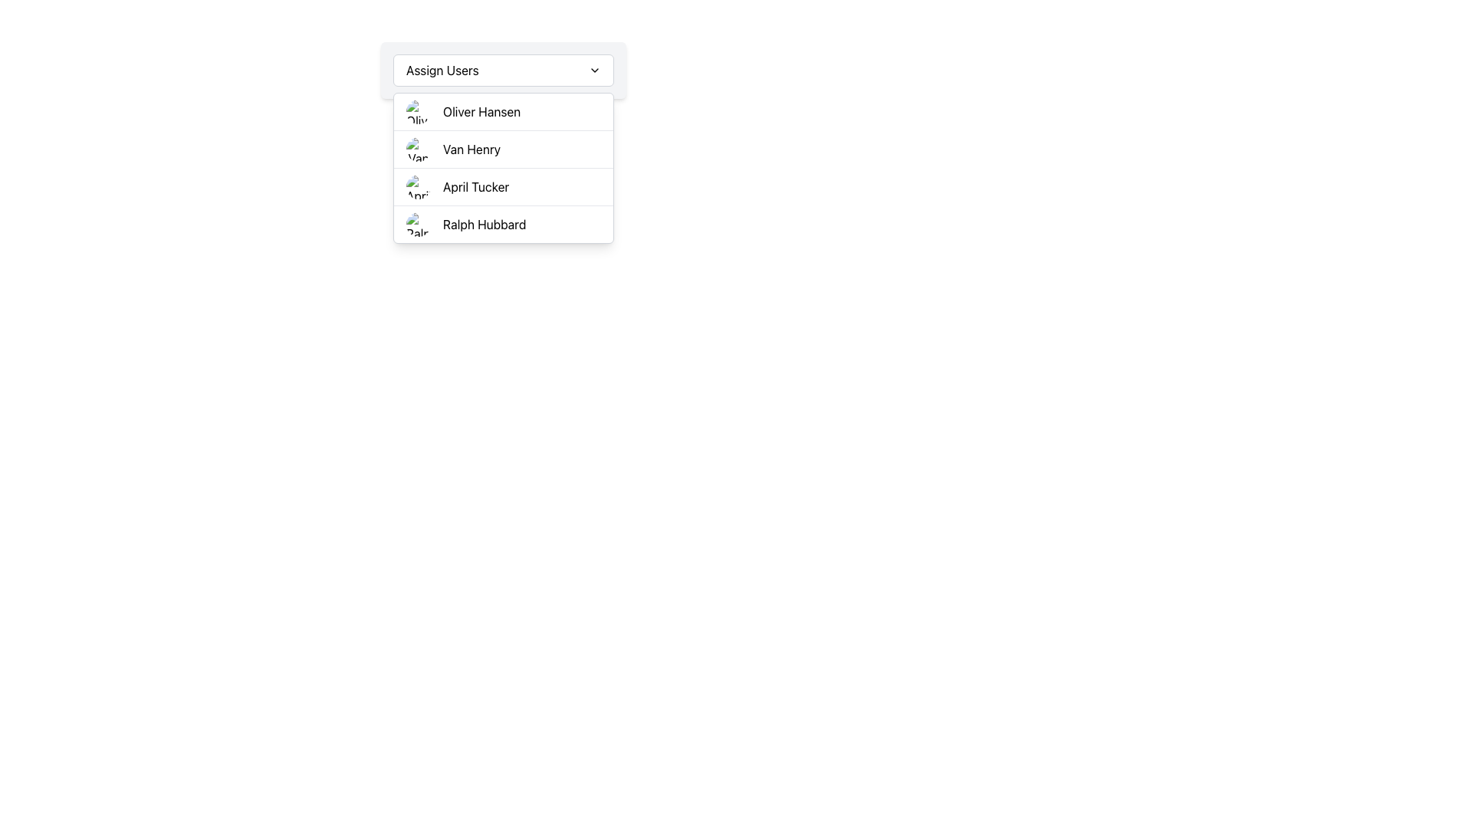  I want to click on the text label 'Oliver Hansen' which is located in the second item of the dropdown list starting with 'Assign Users', so click(481, 111).